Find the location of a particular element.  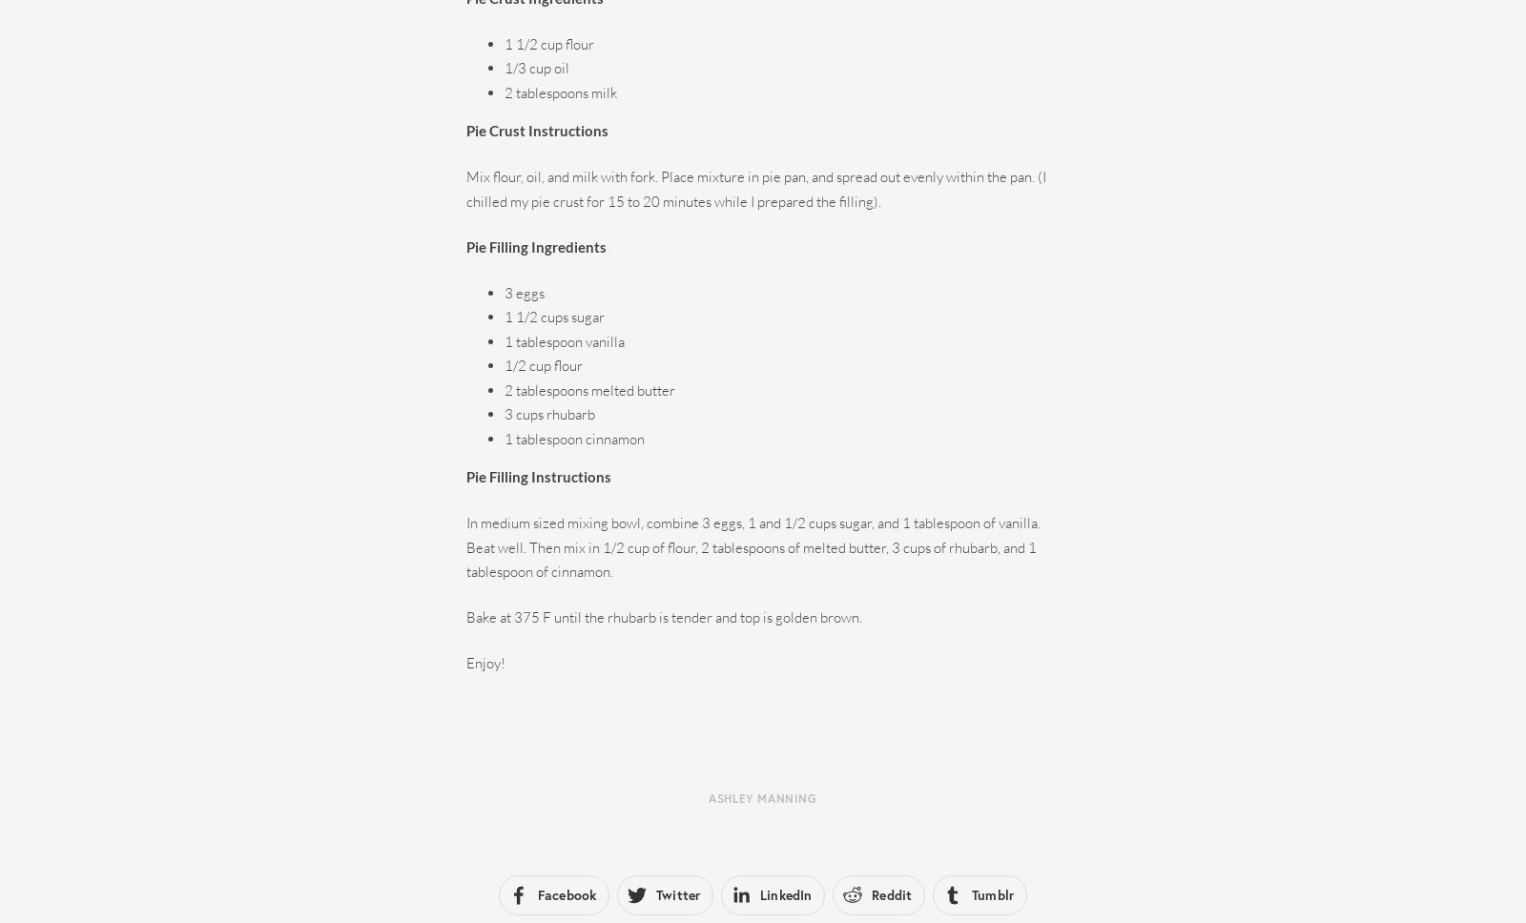

'Mix flour, oil, and milk with fork. Place mixture in pie pan, and spread out evenly within the pan. (I chilled my pie crust for 15 to 20 minutes while I prepared the filling).' is located at coordinates (755, 188).